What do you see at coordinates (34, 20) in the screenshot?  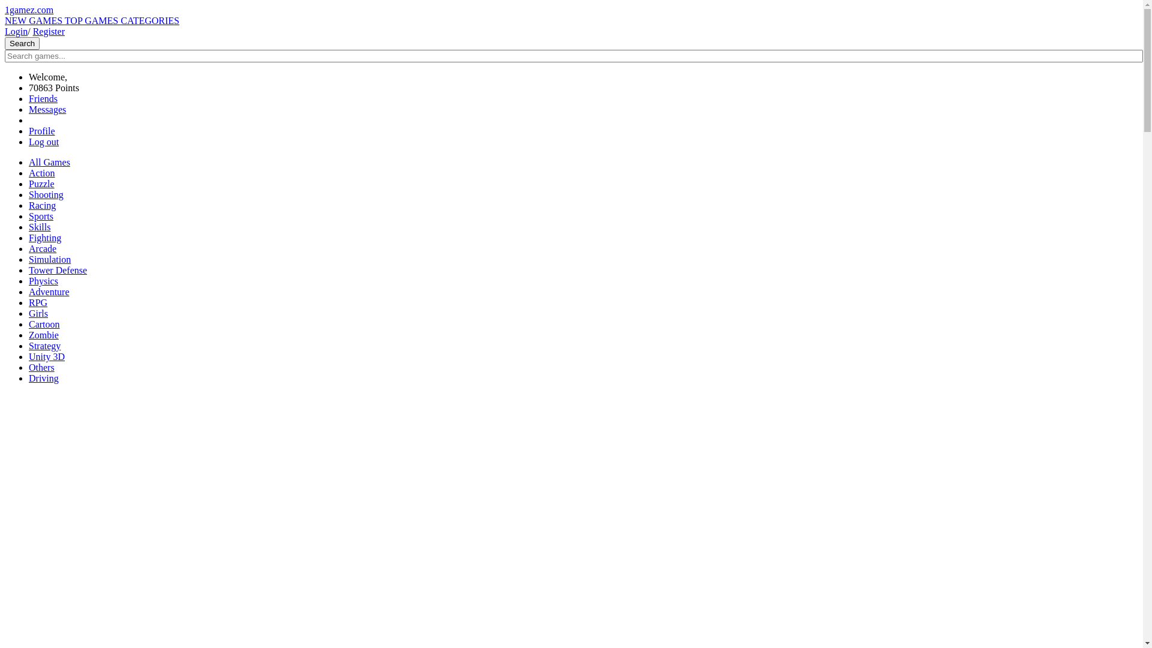 I see `'NEW GAMES'` at bounding box center [34, 20].